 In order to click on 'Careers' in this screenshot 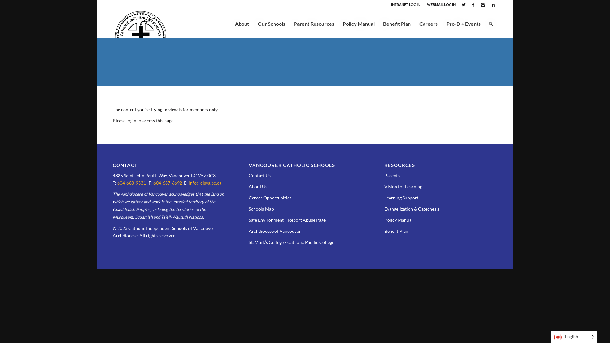, I will do `click(428, 23)`.